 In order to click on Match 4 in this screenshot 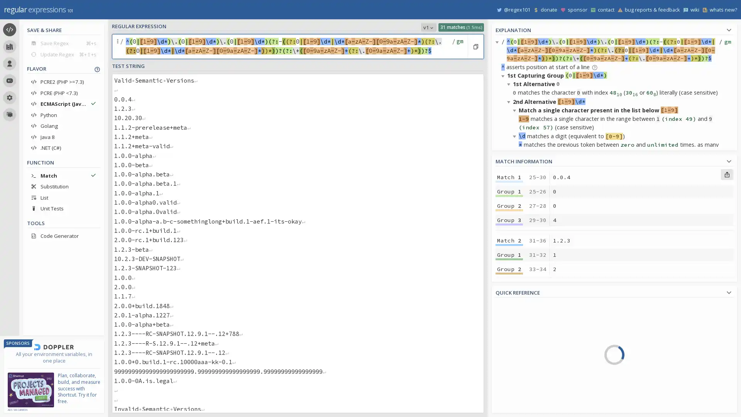, I will do `click(509, 367)`.